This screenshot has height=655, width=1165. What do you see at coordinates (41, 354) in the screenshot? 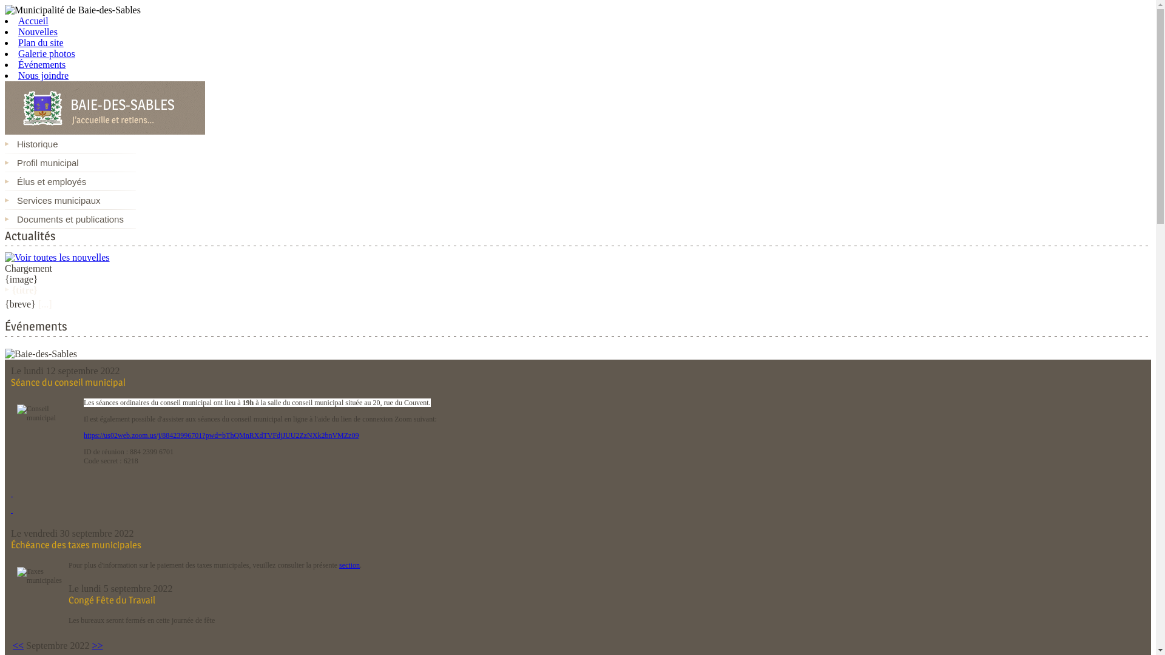
I see `'Baie-des-Sables'` at bounding box center [41, 354].